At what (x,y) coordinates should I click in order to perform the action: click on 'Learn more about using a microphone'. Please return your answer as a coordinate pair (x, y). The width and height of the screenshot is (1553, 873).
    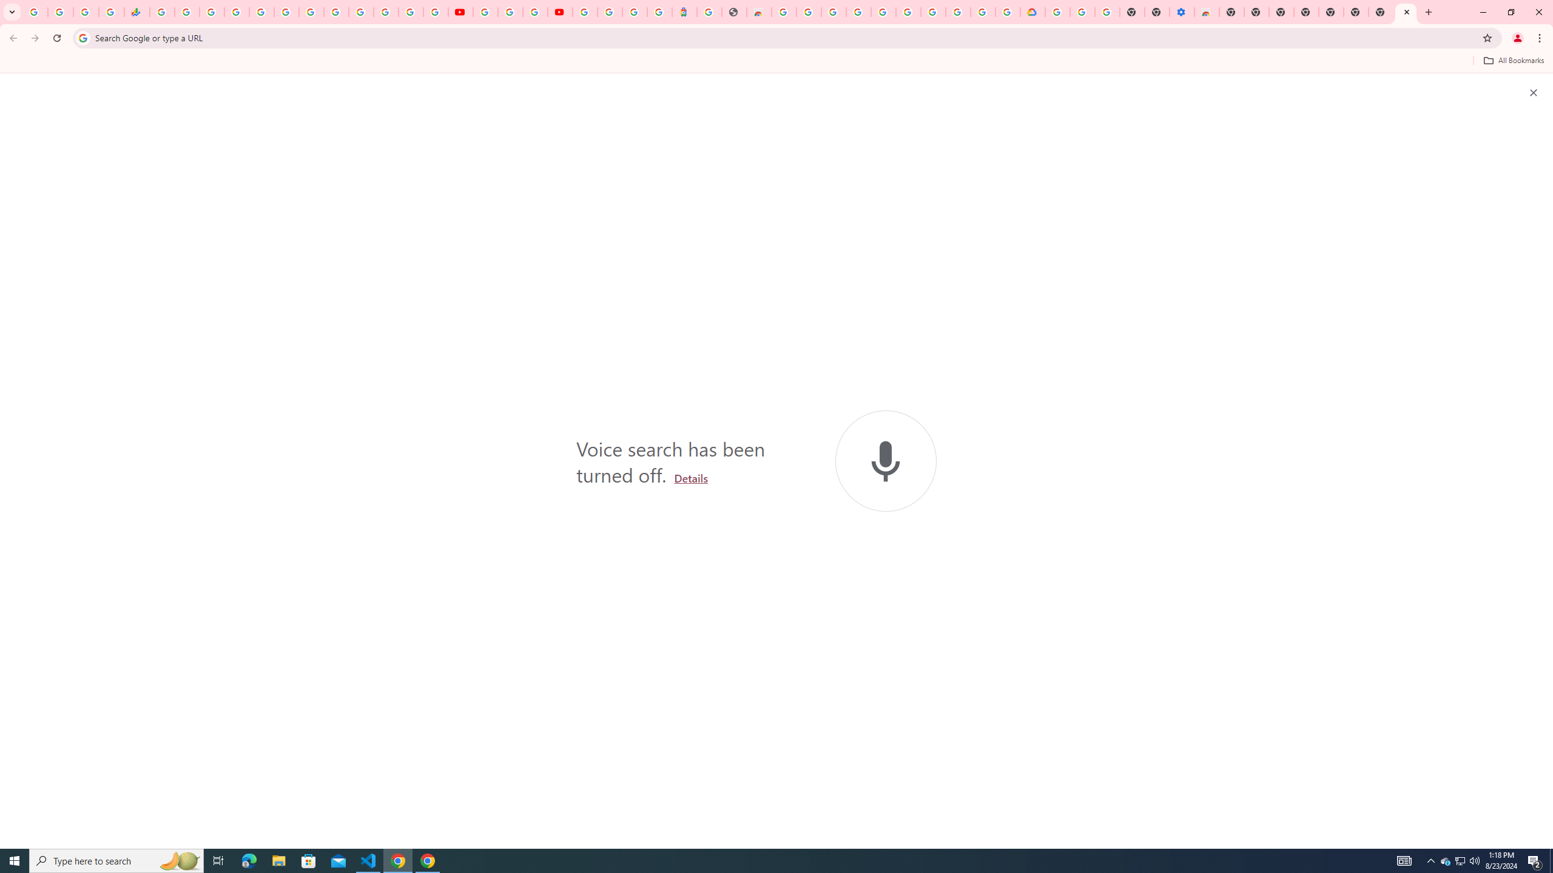
    Looking at the image, I should click on (690, 478).